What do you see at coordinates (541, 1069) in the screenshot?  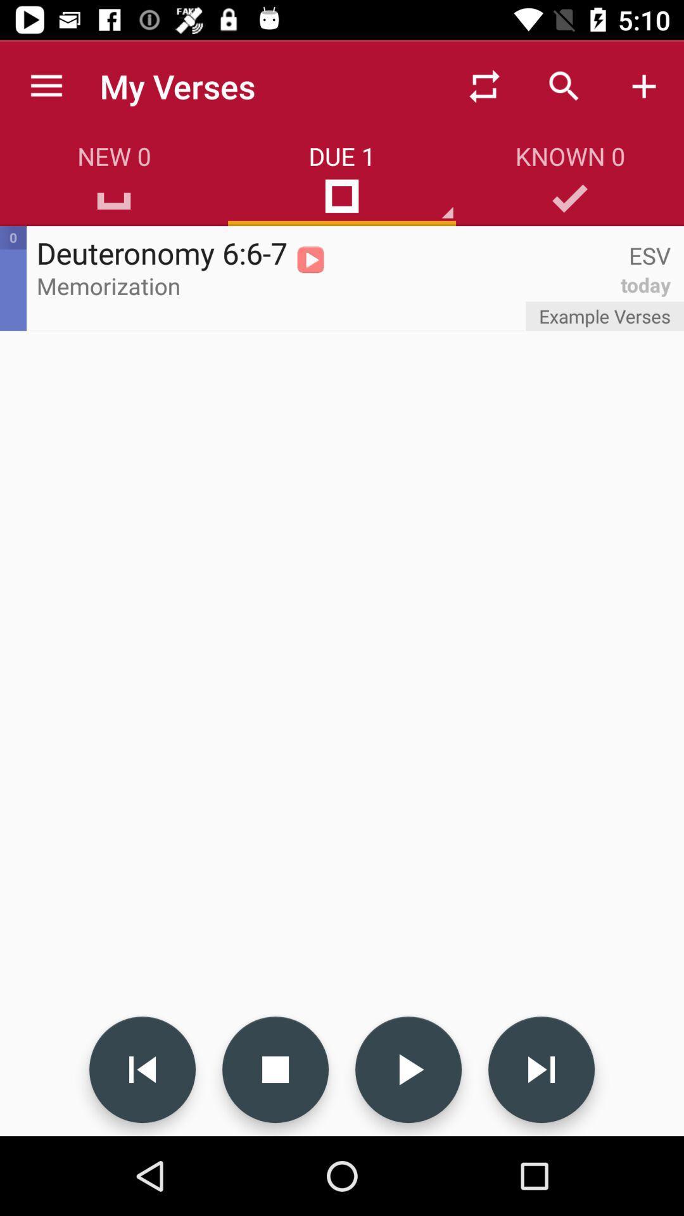 I see `skips to the next track` at bounding box center [541, 1069].